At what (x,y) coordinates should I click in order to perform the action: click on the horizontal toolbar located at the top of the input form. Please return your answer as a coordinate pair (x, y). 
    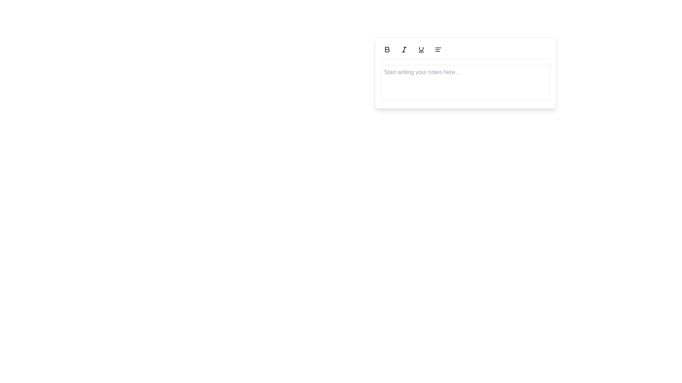
    Looking at the image, I should click on (465, 51).